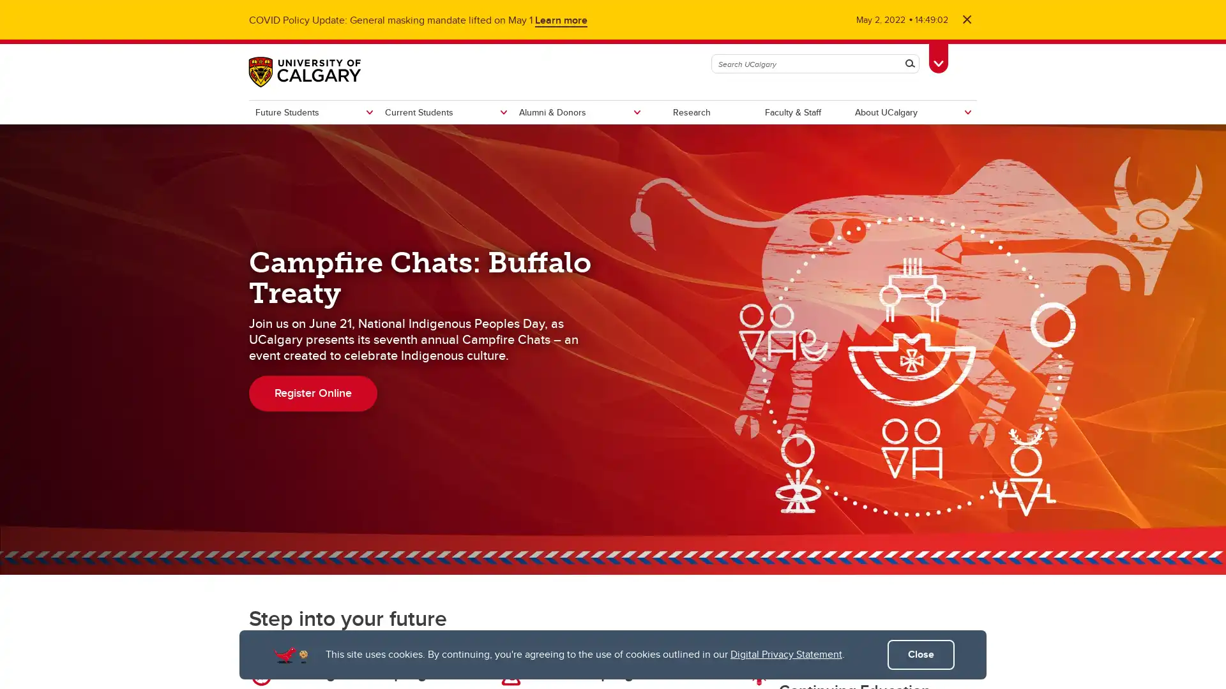  Describe the element at coordinates (938, 56) in the screenshot. I see `Toggle Toolbox` at that location.